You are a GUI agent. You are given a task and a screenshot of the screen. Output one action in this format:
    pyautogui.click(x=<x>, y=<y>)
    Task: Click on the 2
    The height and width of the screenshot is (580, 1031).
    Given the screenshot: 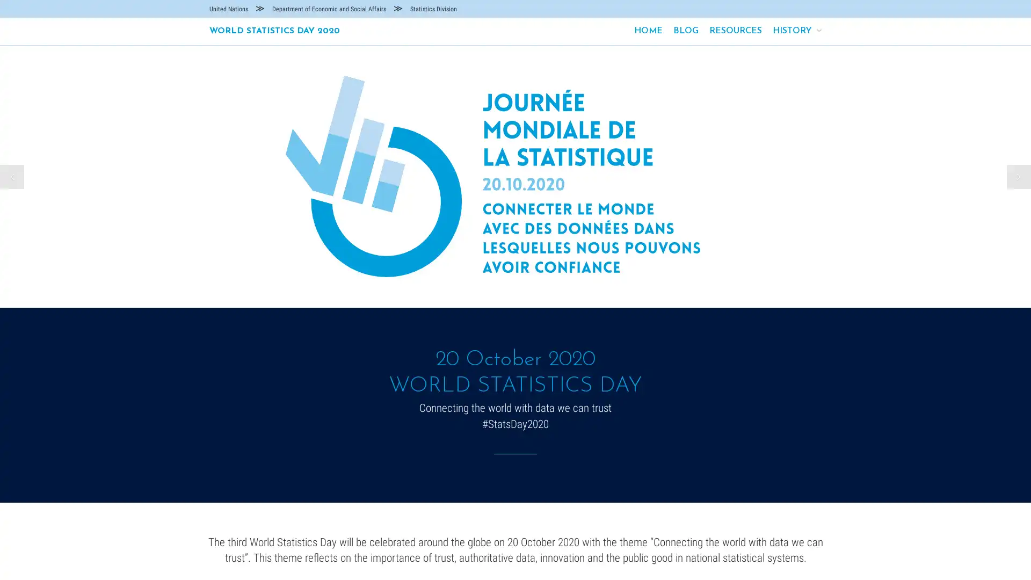 What is the action you would take?
    pyautogui.click(x=497, y=287)
    